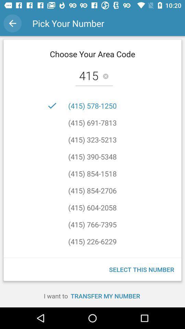 The width and height of the screenshot is (185, 329). What do you see at coordinates (12, 23) in the screenshot?
I see `the icon to the left of pick your number` at bounding box center [12, 23].